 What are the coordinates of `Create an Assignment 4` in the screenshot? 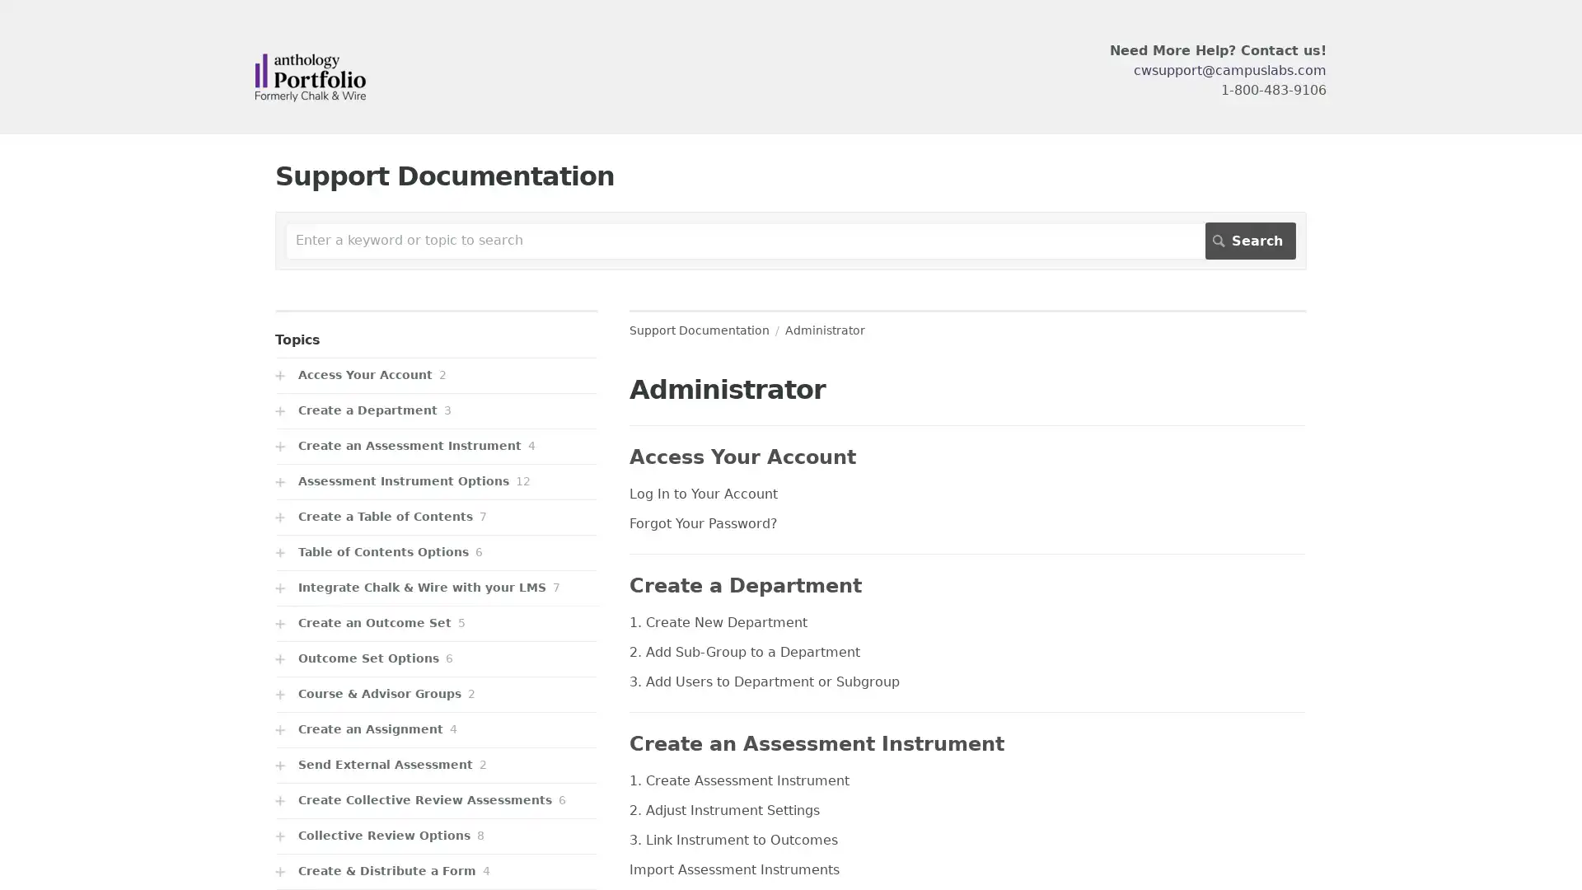 It's located at (436, 728).